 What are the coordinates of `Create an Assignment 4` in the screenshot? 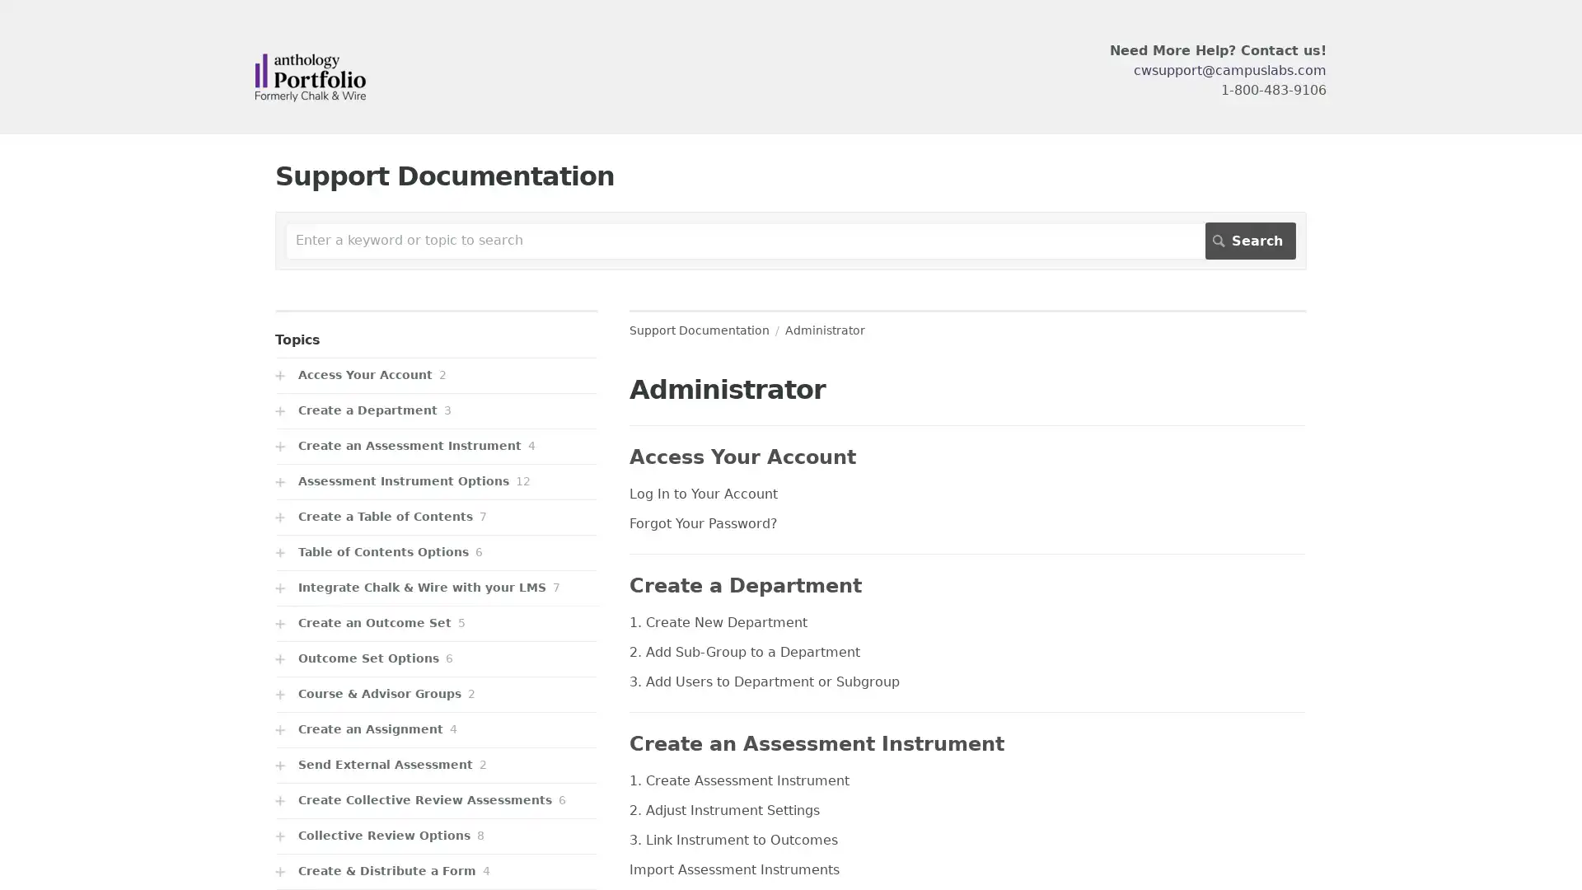 It's located at (436, 728).